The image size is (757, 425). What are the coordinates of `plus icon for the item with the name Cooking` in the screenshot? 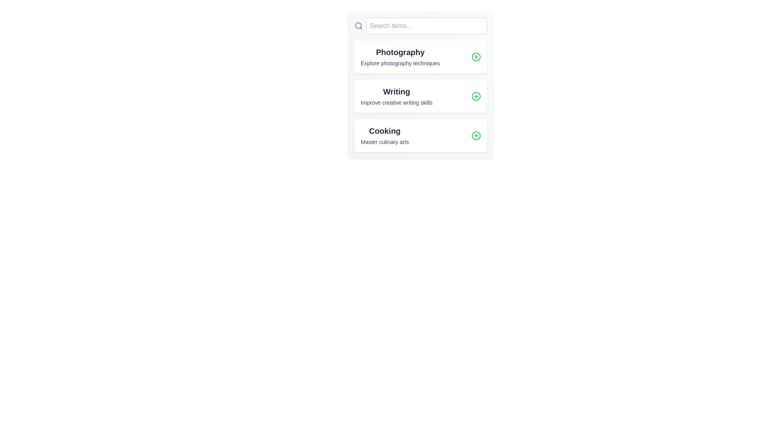 It's located at (476, 135).